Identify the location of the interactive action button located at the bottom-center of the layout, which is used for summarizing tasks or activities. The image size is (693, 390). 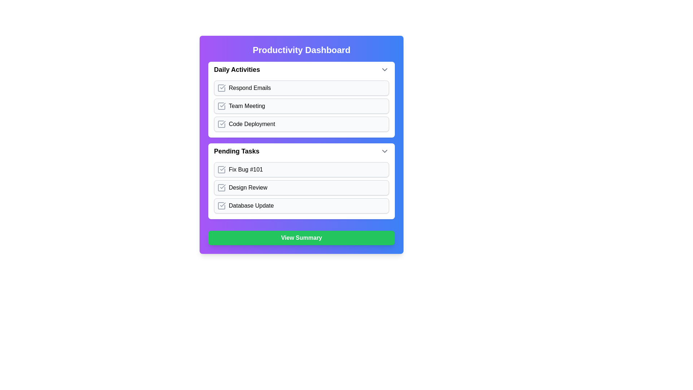
(301, 238).